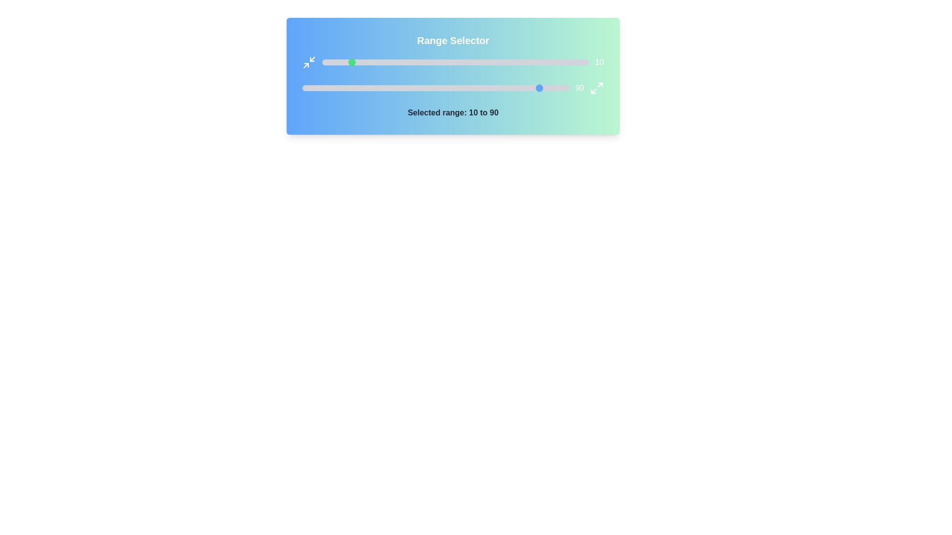 The image size is (952, 535). What do you see at coordinates (452, 87) in the screenshot?
I see `the range input slider with a blue gradient handle positioned towards the right side, next to the bold white '90' label, to directly set the value` at bounding box center [452, 87].